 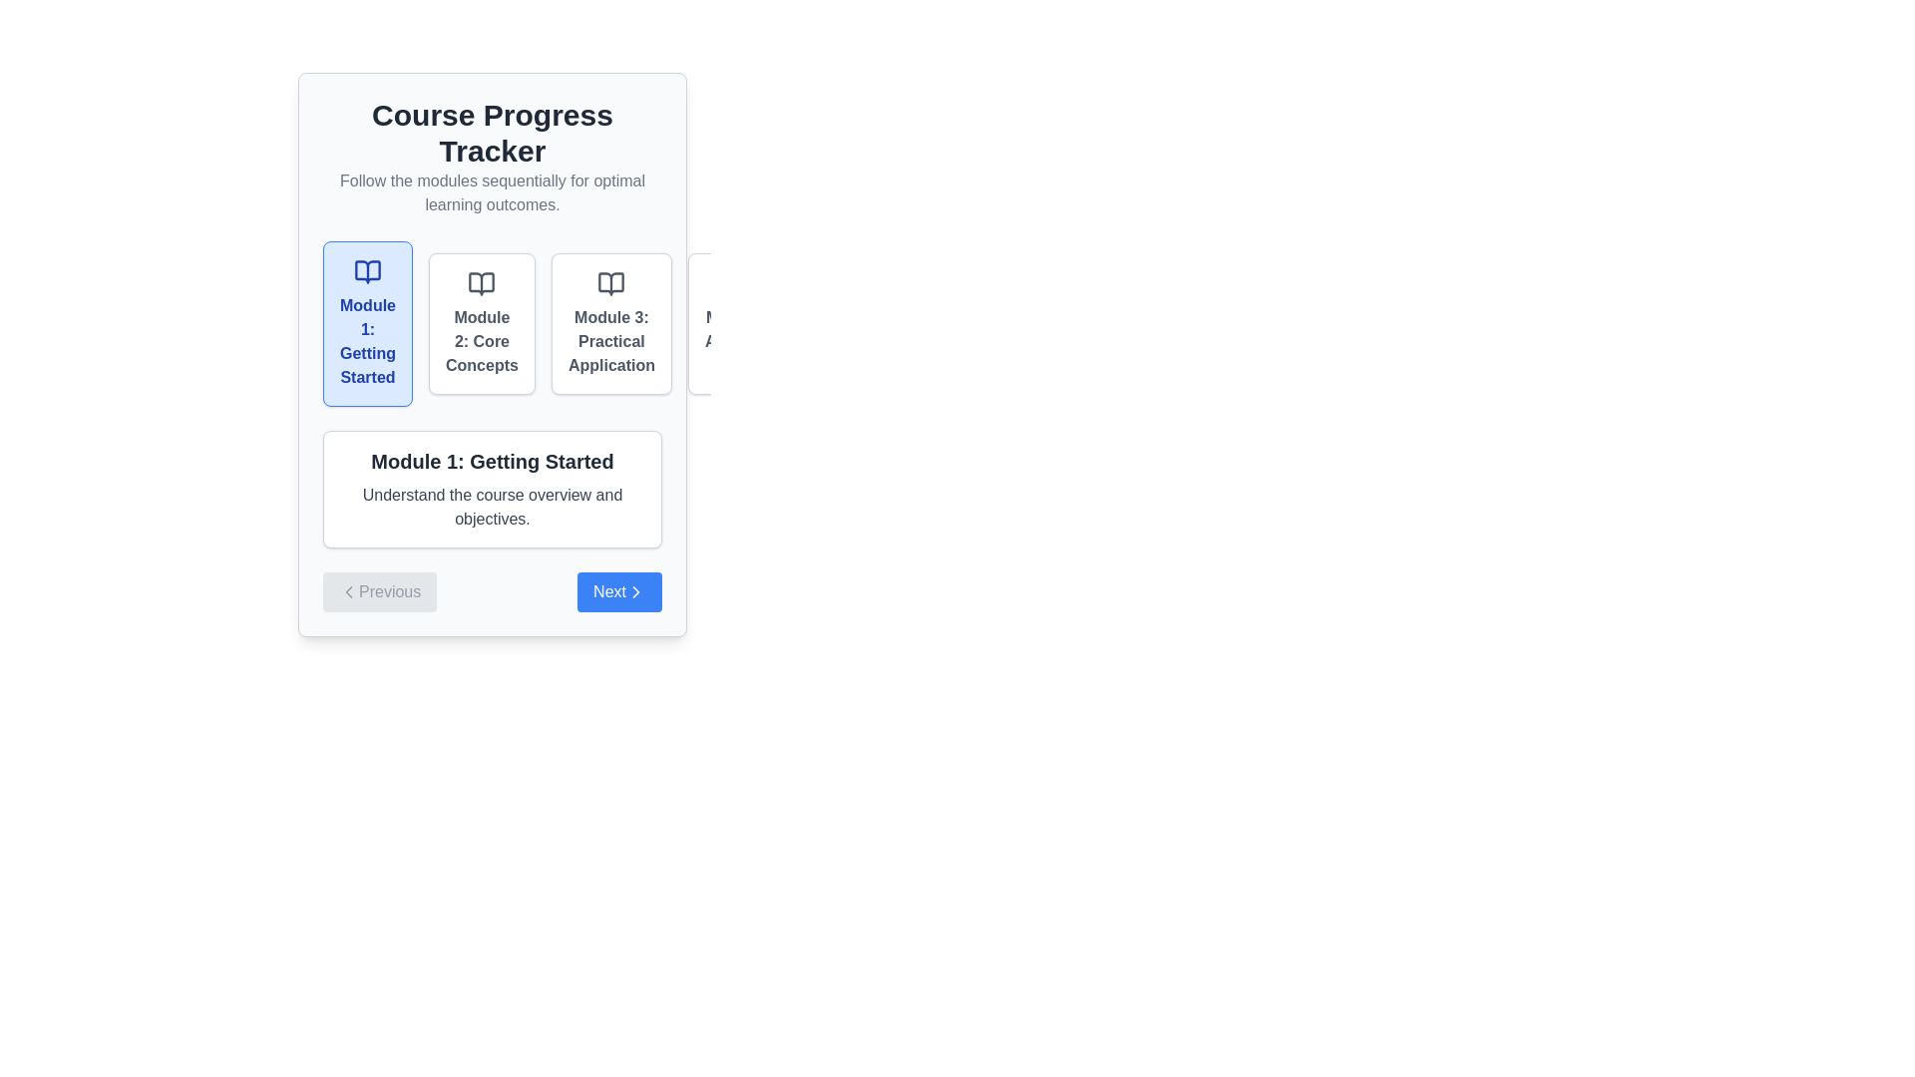 What do you see at coordinates (482, 284) in the screenshot?
I see `the right section of the open book icon within the 'Module 2: Core Concepts' button, which is the second module button` at bounding box center [482, 284].